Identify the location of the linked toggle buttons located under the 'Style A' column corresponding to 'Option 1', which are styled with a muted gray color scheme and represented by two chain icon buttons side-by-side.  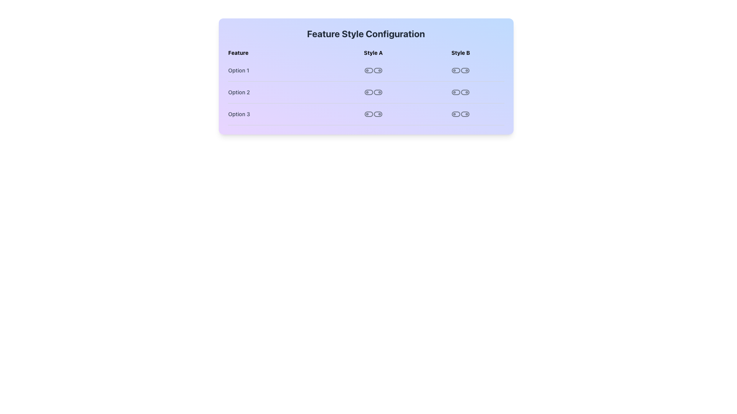
(373, 71).